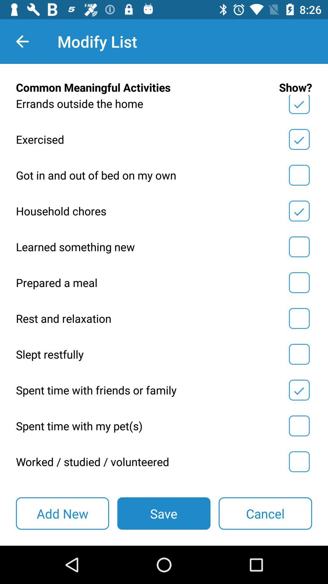  I want to click on tick option, so click(299, 247).